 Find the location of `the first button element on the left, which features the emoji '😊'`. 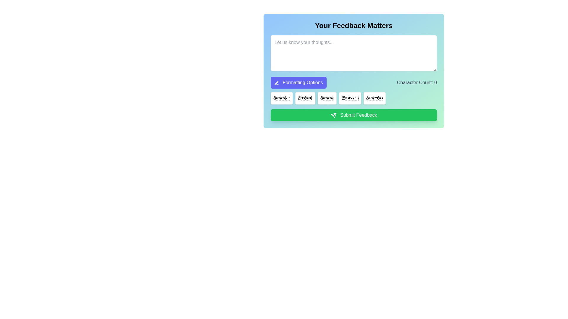

the first button element on the left, which features the emoji '😊' is located at coordinates (281, 98).